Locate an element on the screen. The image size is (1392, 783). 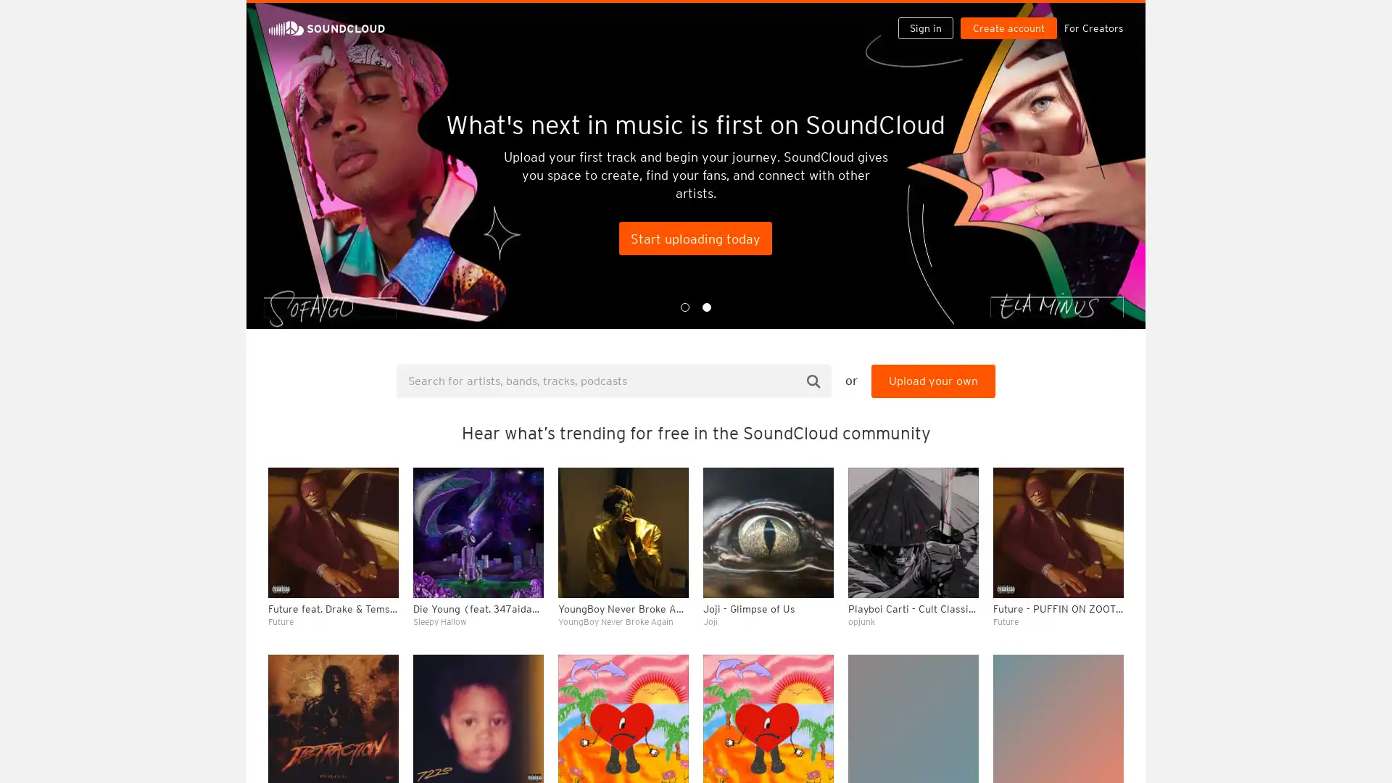
Sign in is located at coordinates (924, 28).